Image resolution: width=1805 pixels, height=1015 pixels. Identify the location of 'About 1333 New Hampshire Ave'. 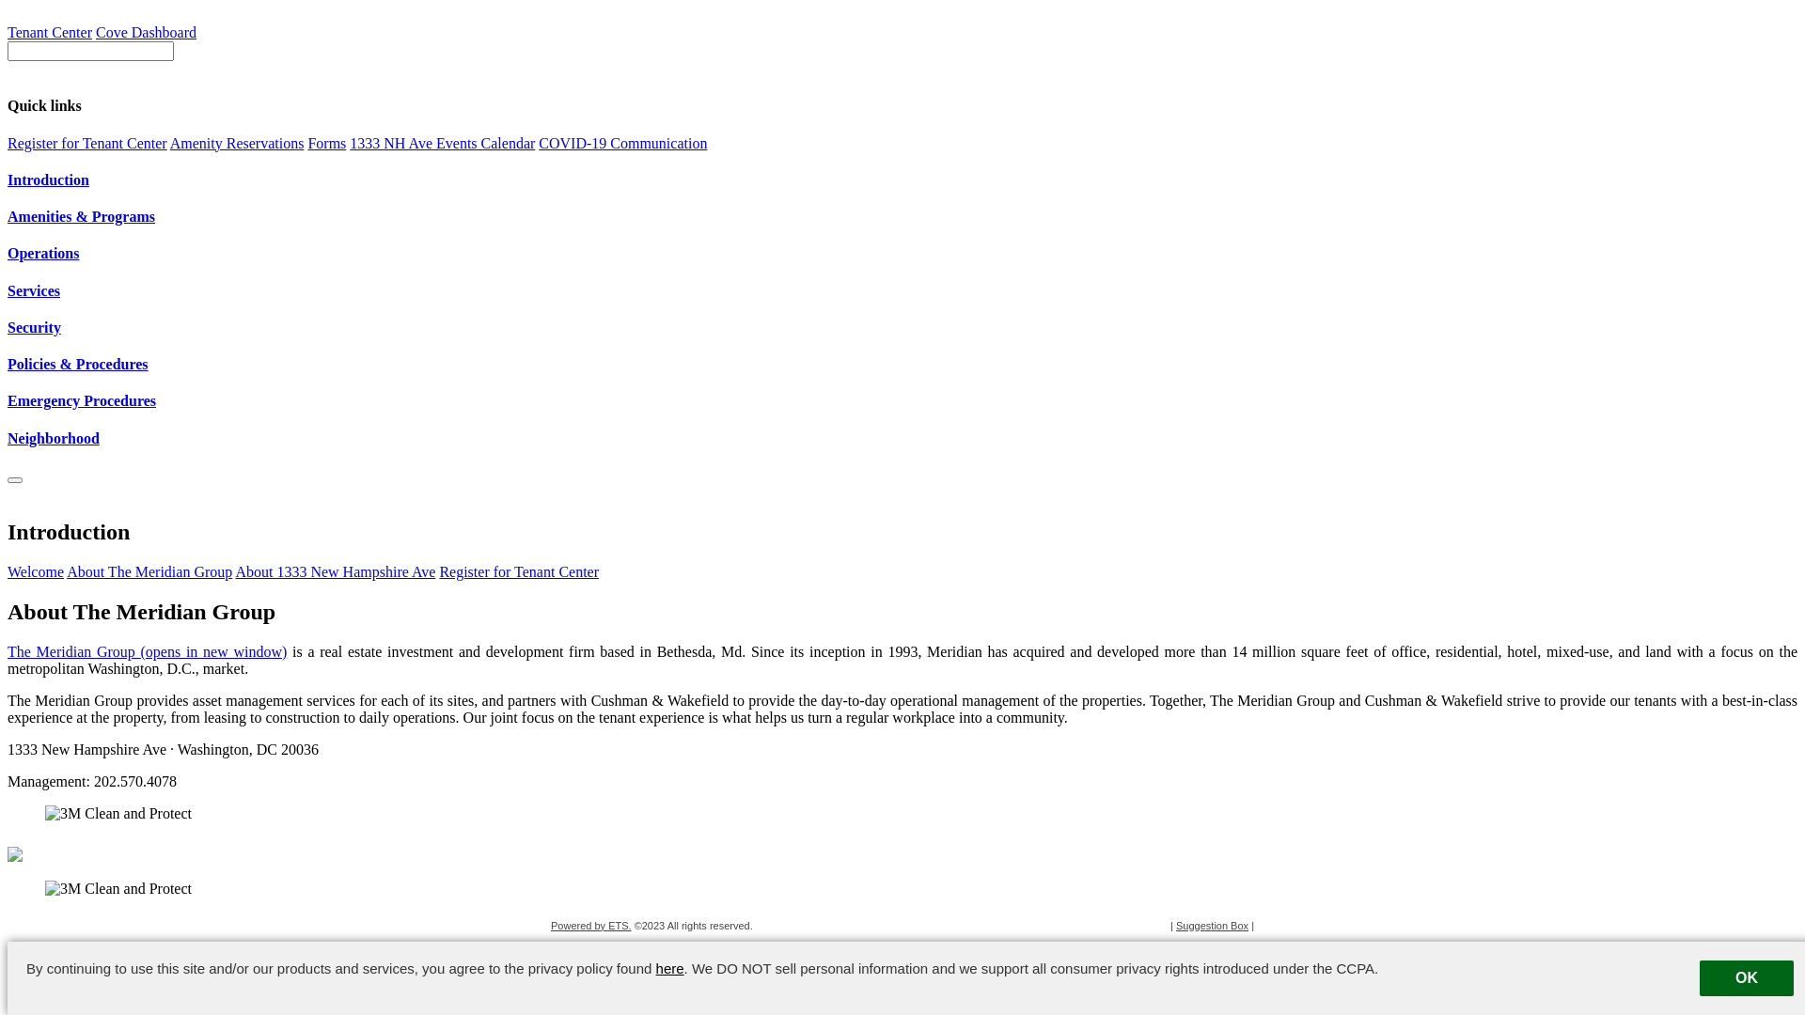
(335, 570).